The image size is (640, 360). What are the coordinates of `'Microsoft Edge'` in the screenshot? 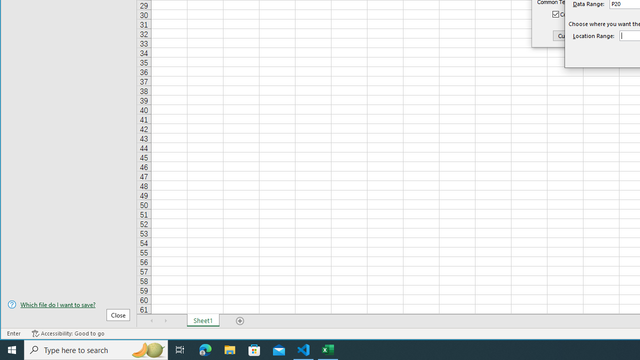 It's located at (205, 349).